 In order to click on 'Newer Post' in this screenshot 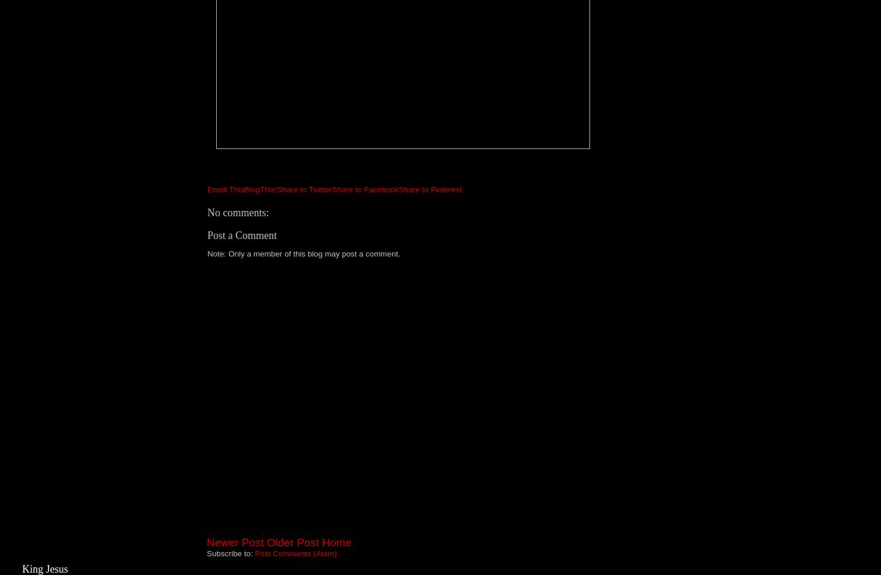, I will do `click(235, 542)`.